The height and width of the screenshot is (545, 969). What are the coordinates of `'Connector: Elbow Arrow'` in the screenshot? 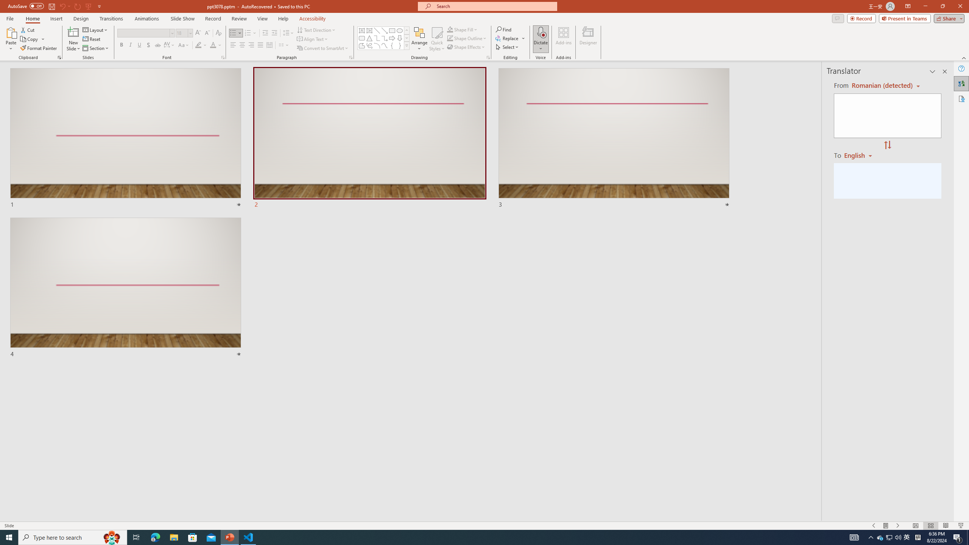 It's located at (384, 37).